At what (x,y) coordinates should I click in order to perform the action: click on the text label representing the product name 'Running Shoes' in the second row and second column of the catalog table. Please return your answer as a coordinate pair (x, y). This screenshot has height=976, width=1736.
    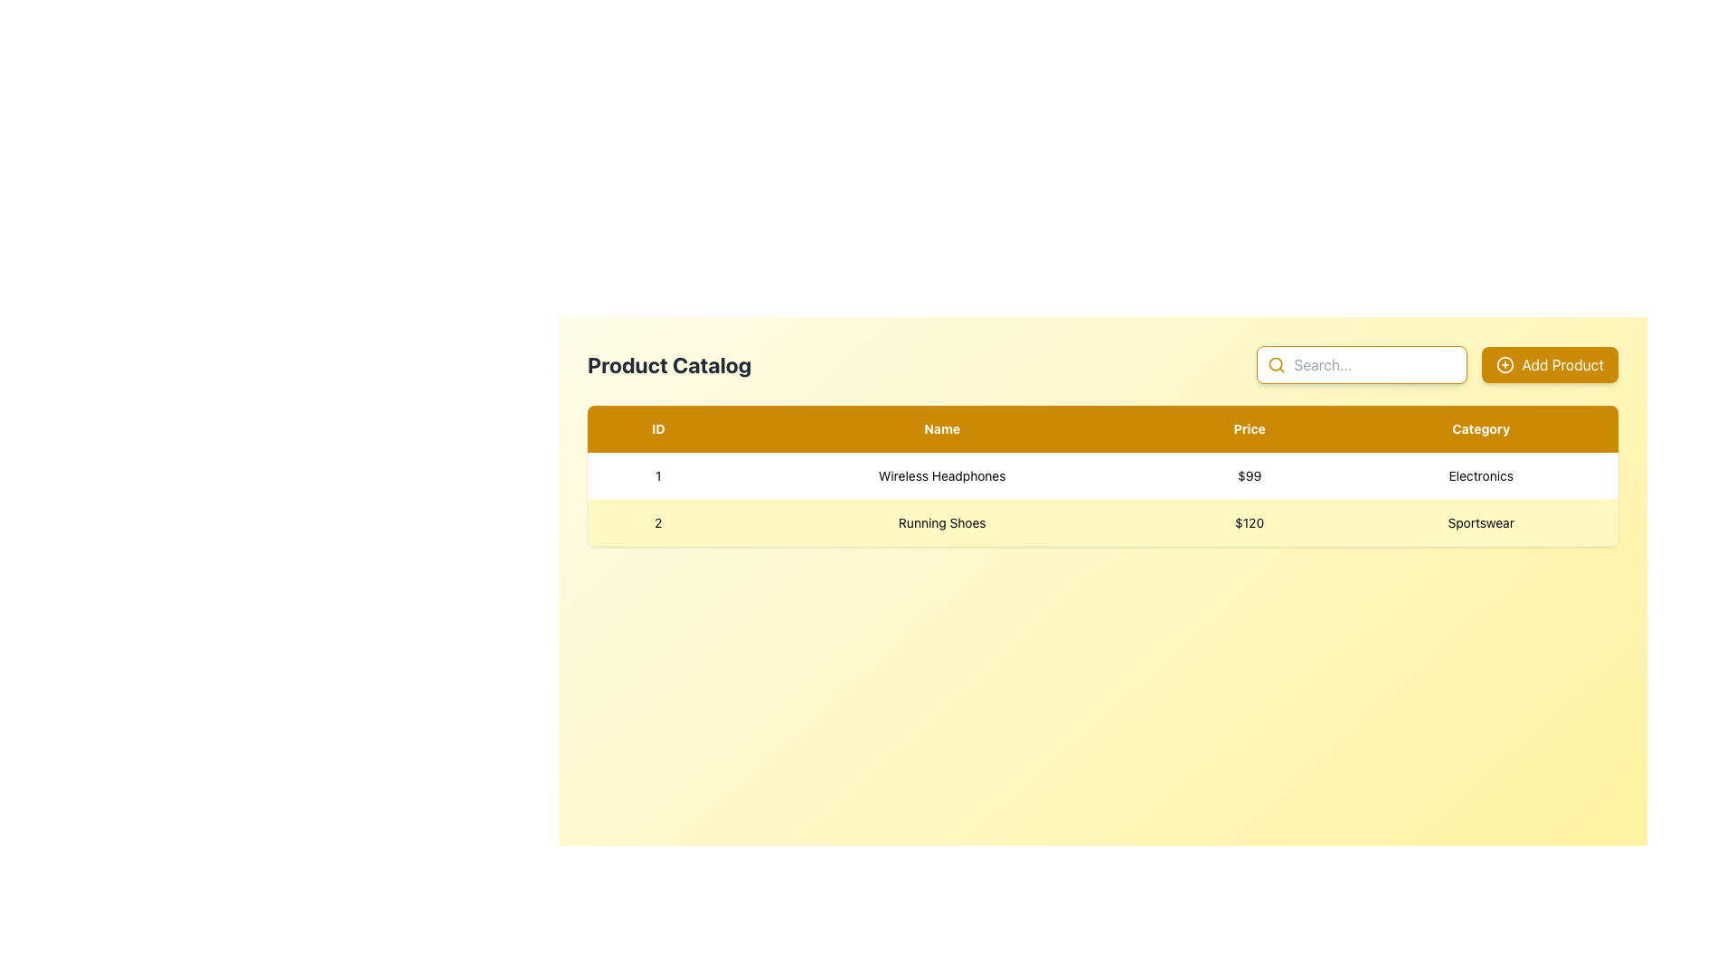
    Looking at the image, I should click on (941, 522).